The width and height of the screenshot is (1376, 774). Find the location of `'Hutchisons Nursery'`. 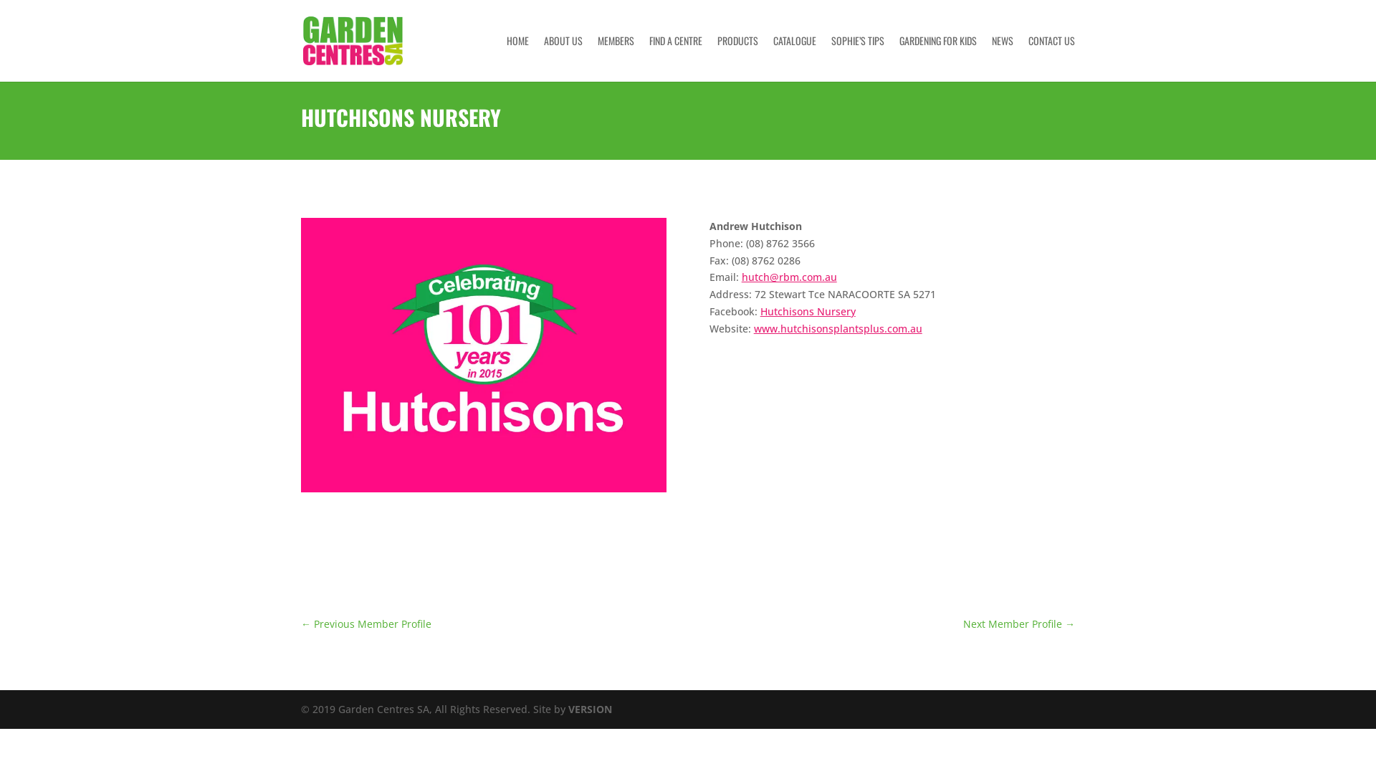

'Hutchisons Nursery' is located at coordinates (808, 310).